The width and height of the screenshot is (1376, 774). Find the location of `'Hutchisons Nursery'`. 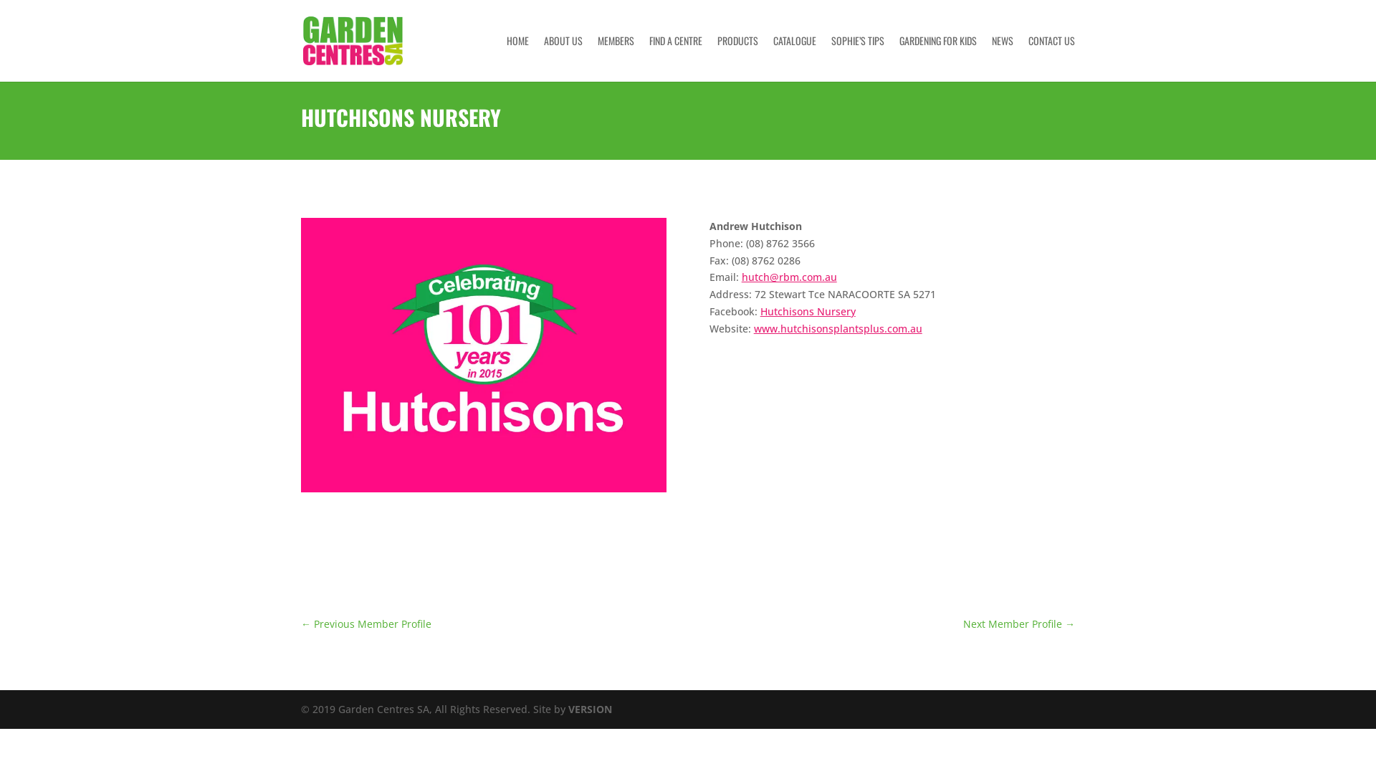

'Hutchisons Nursery' is located at coordinates (808, 310).